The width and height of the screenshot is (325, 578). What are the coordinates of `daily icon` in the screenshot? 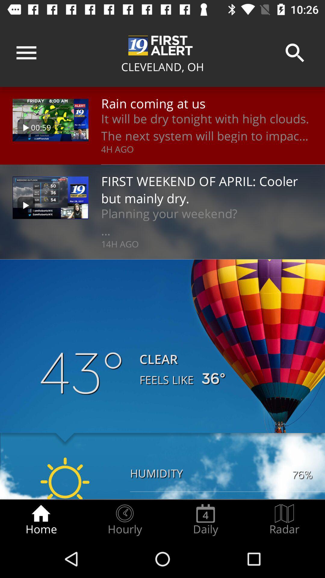 It's located at (205, 520).